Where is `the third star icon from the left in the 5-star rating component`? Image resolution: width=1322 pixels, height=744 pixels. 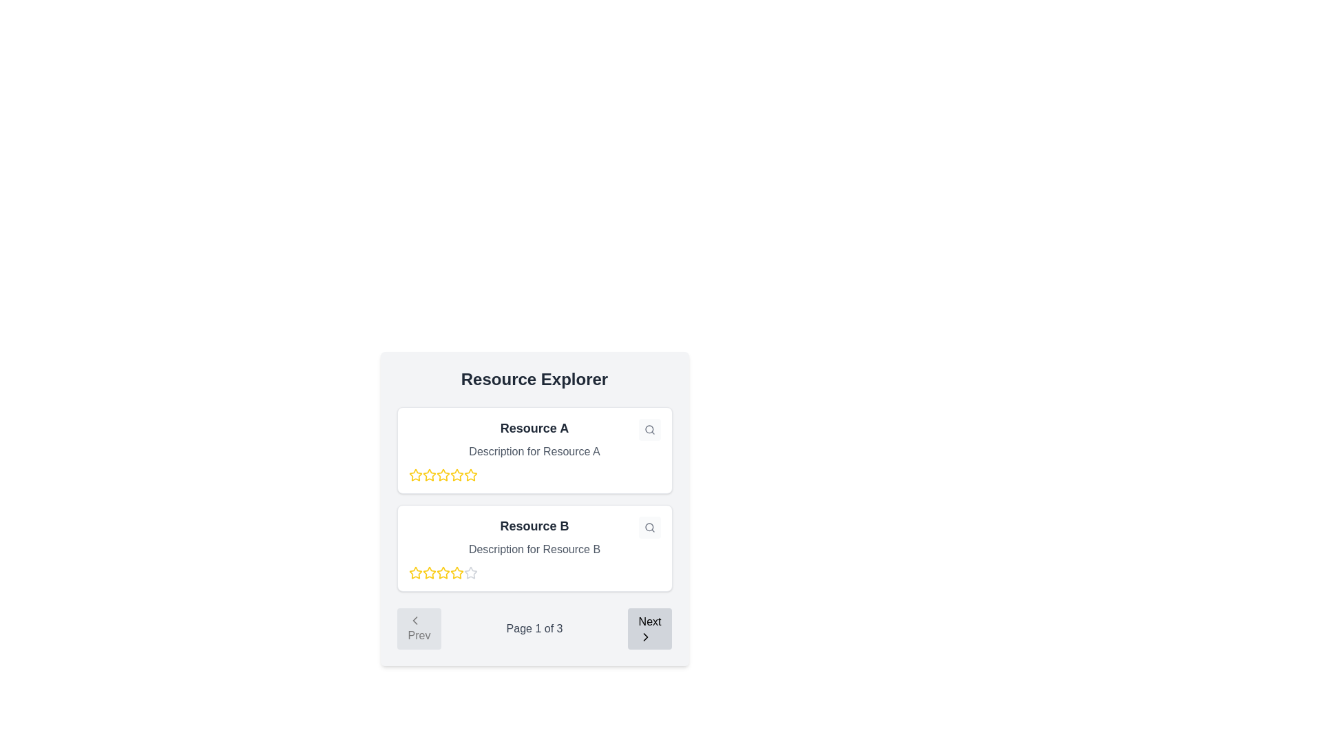 the third star icon from the left in the 5-star rating component is located at coordinates (457, 474).